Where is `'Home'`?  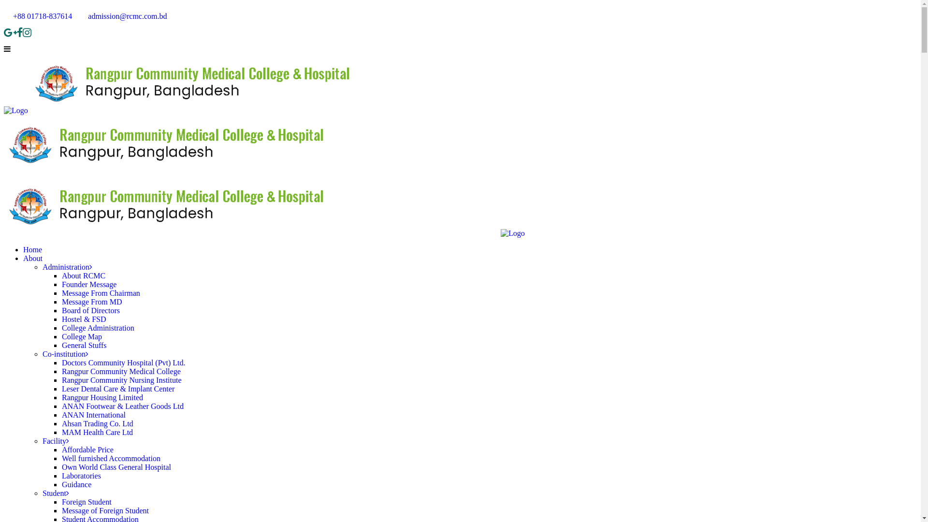
'Home' is located at coordinates (32, 249).